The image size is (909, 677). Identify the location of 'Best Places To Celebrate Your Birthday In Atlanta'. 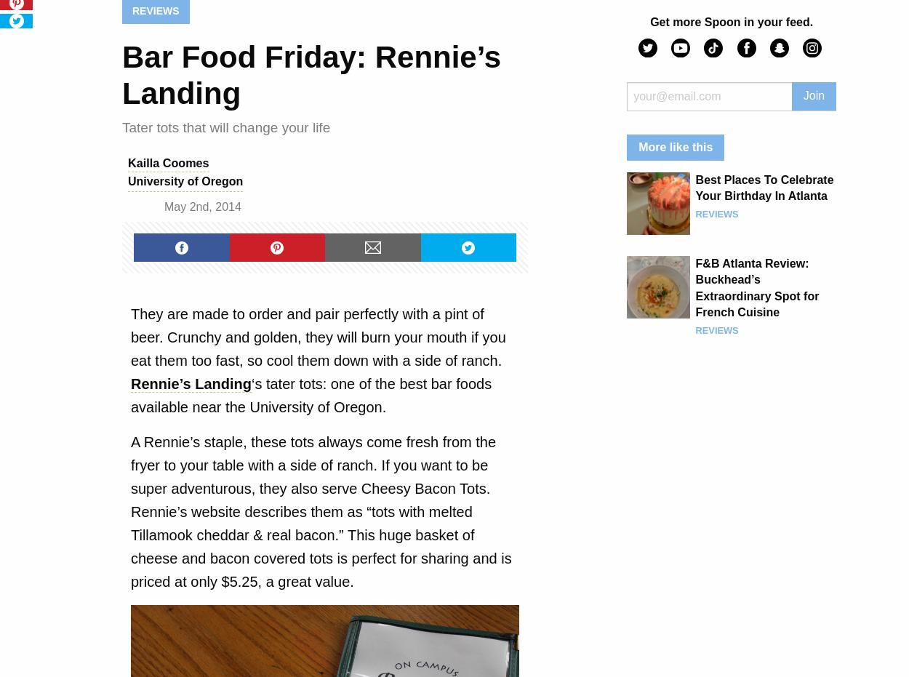
(764, 187).